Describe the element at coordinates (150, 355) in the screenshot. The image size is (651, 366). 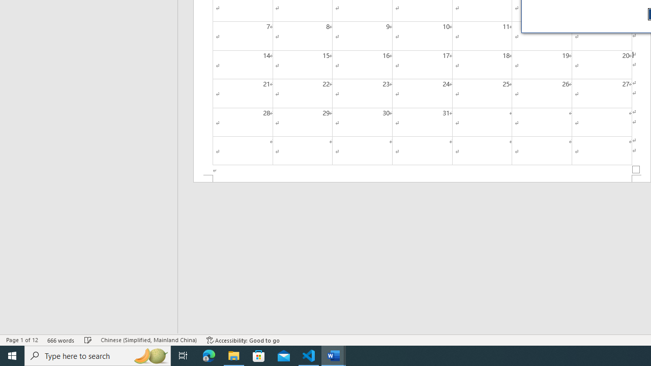
I see `'Search highlights icon opens search home window'` at that location.